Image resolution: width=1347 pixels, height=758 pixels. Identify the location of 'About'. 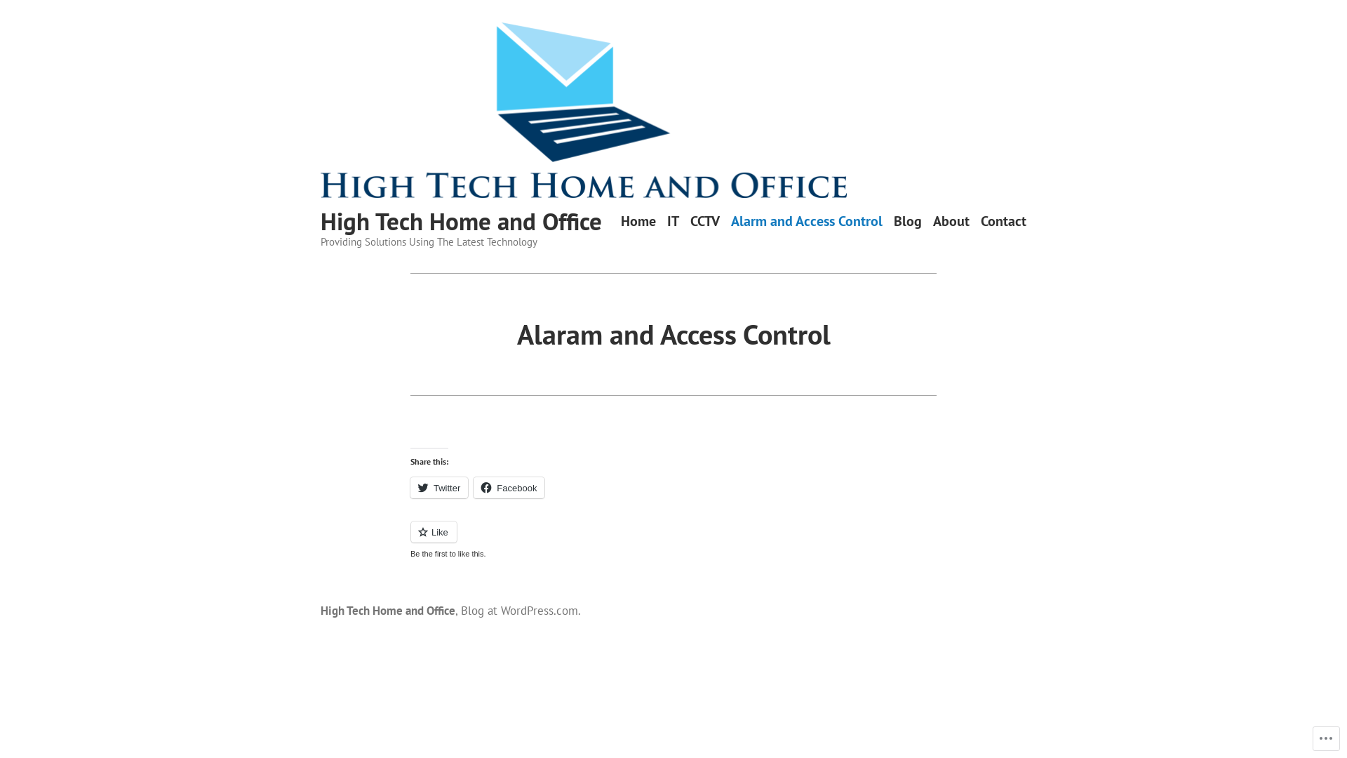
(951, 221).